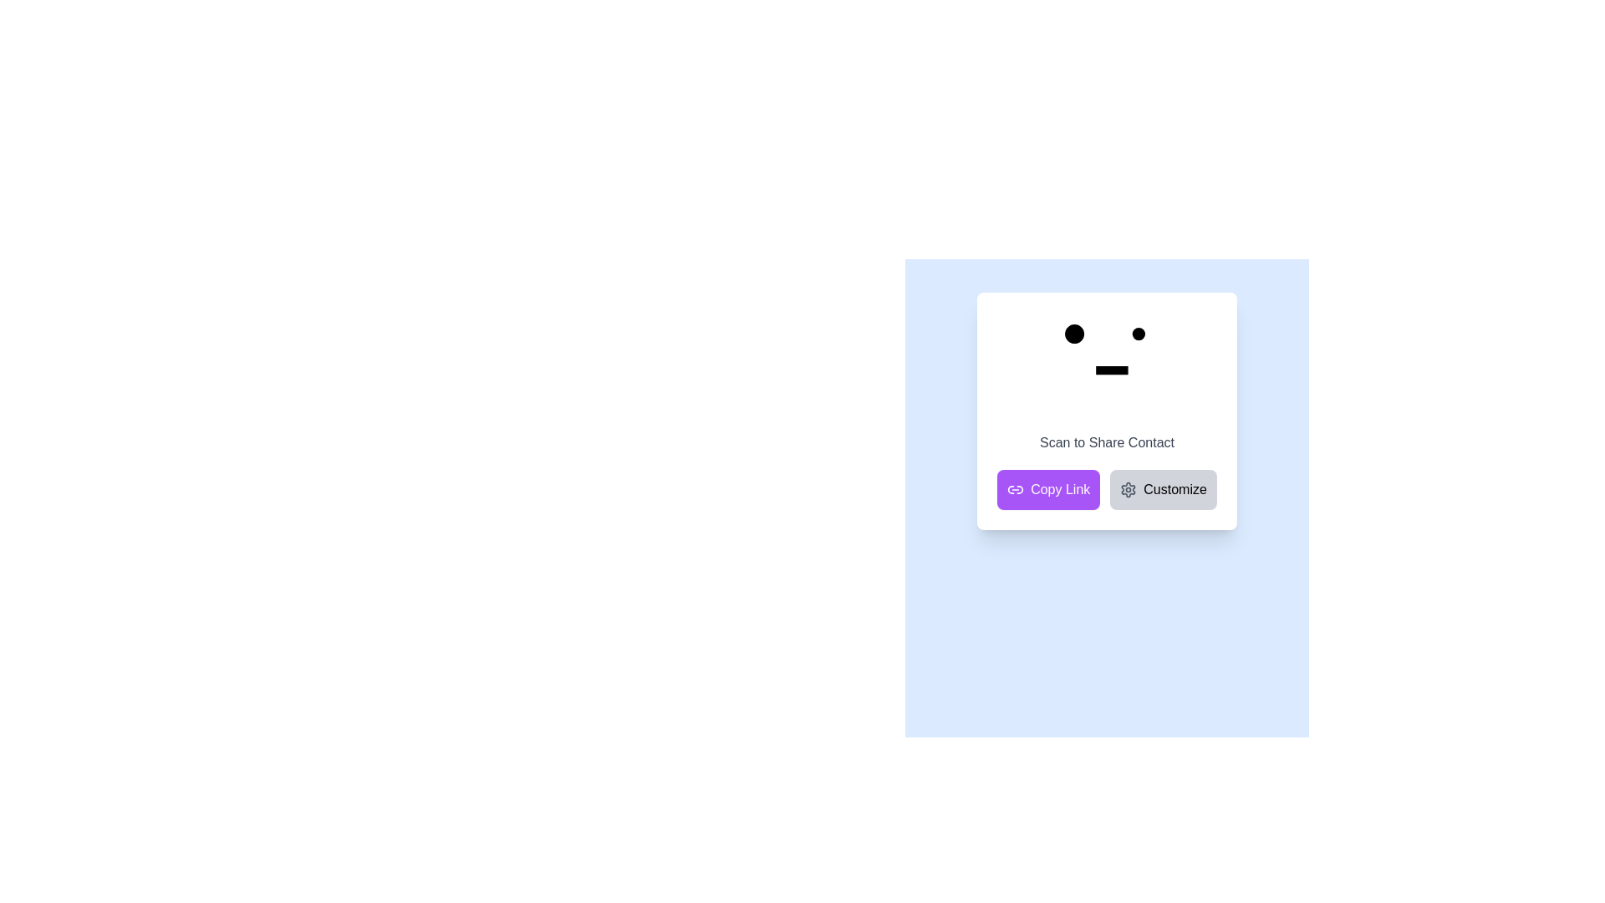 This screenshot has height=903, width=1605. What do you see at coordinates (1107, 441) in the screenshot?
I see `the text label that says 'Scan to Share Contact' which is positioned beneath a face-like icon and above the 'Copy Link' and 'Customize' buttons` at bounding box center [1107, 441].